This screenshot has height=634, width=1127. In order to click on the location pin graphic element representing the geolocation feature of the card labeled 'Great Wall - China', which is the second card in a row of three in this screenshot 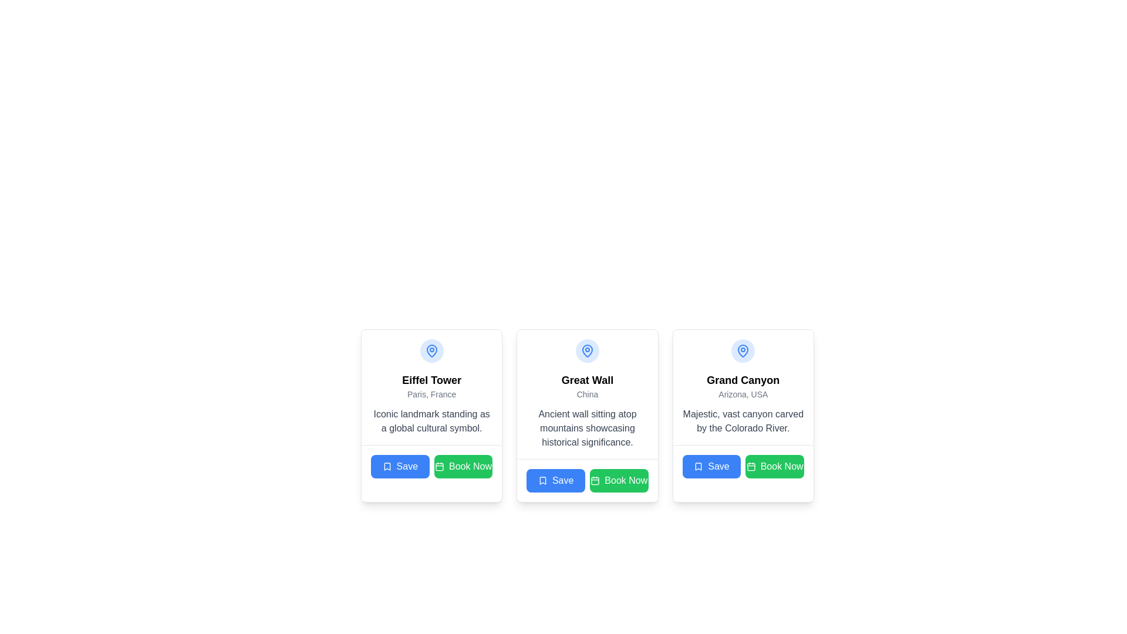, I will do `click(431, 350)`.